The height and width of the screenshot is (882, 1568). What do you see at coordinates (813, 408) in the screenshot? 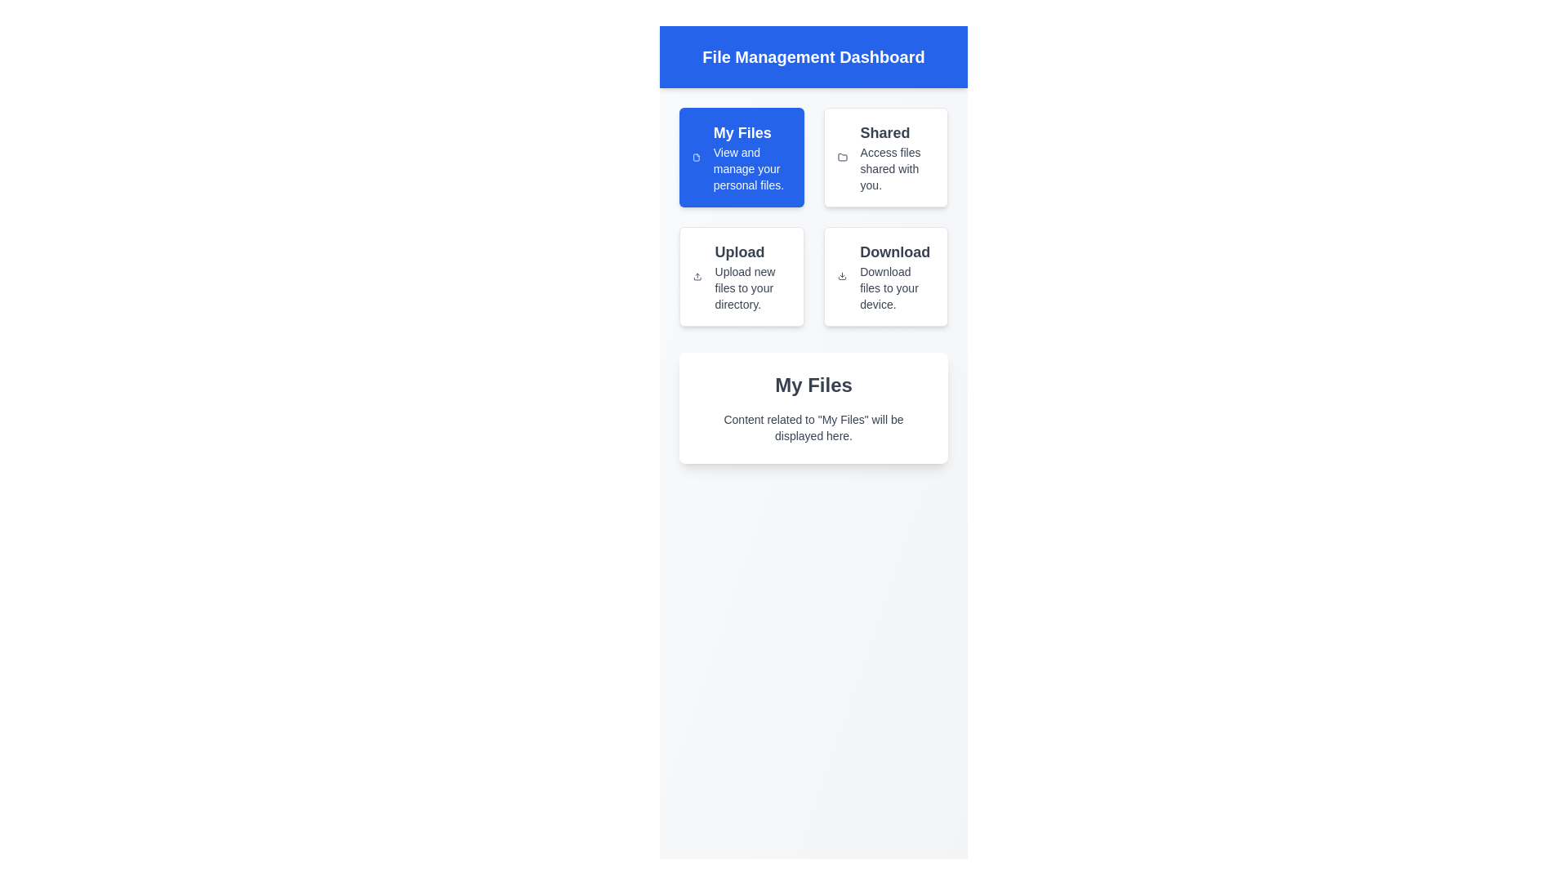
I see `text from the card titled 'My Files', which has a white background and contains a bold title and a smaller subtitle located at the bottom section of the interface` at bounding box center [813, 408].